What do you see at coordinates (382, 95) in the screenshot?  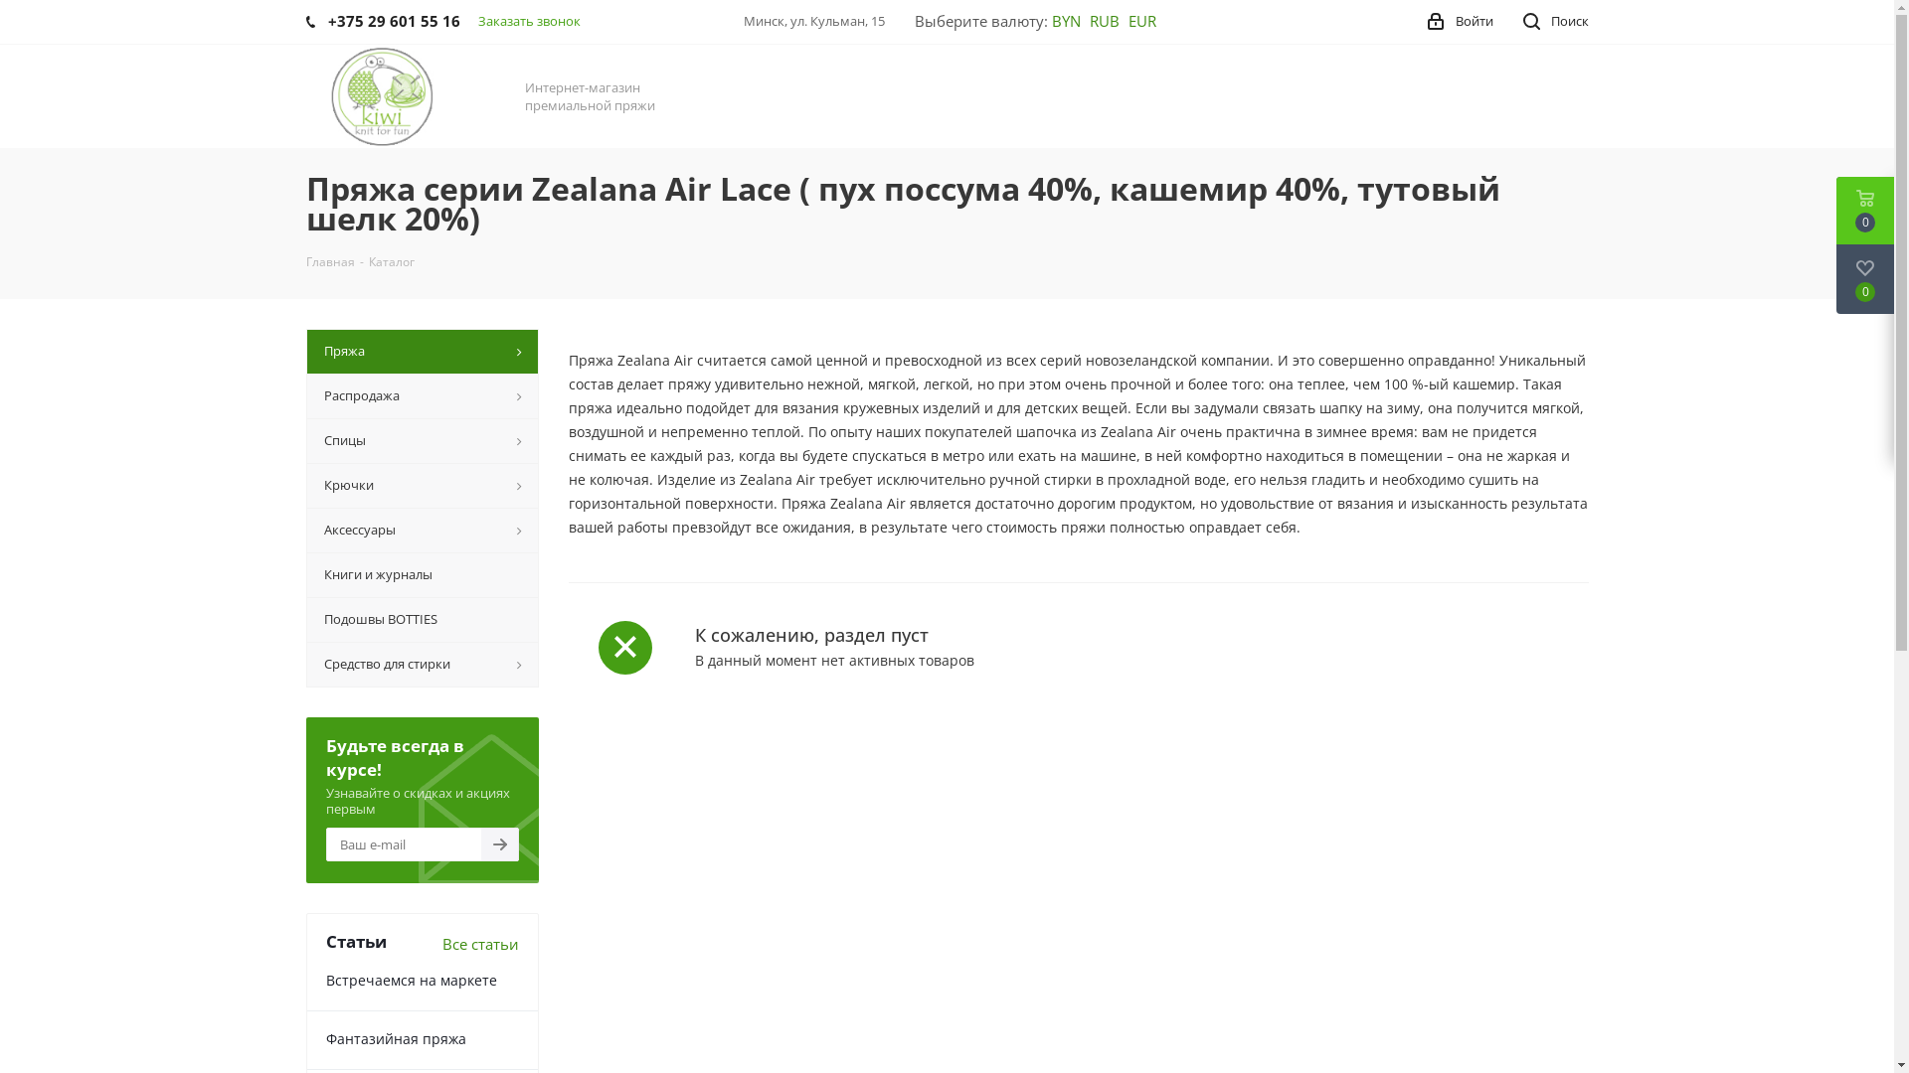 I see `'Kiwi-Kiwi'` at bounding box center [382, 95].